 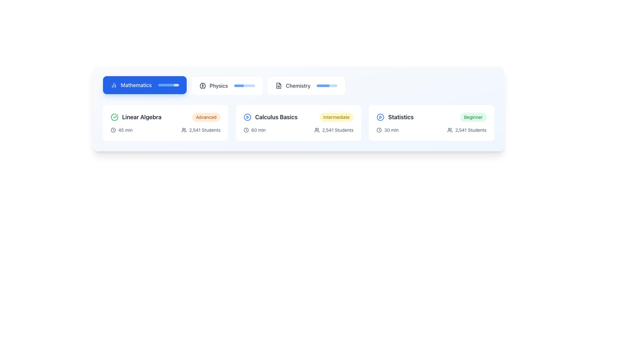 I want to click on the checkmark icon component, which is a green stroke within a circular frame, to possibly view interaction details, so click(x=116, y=116).